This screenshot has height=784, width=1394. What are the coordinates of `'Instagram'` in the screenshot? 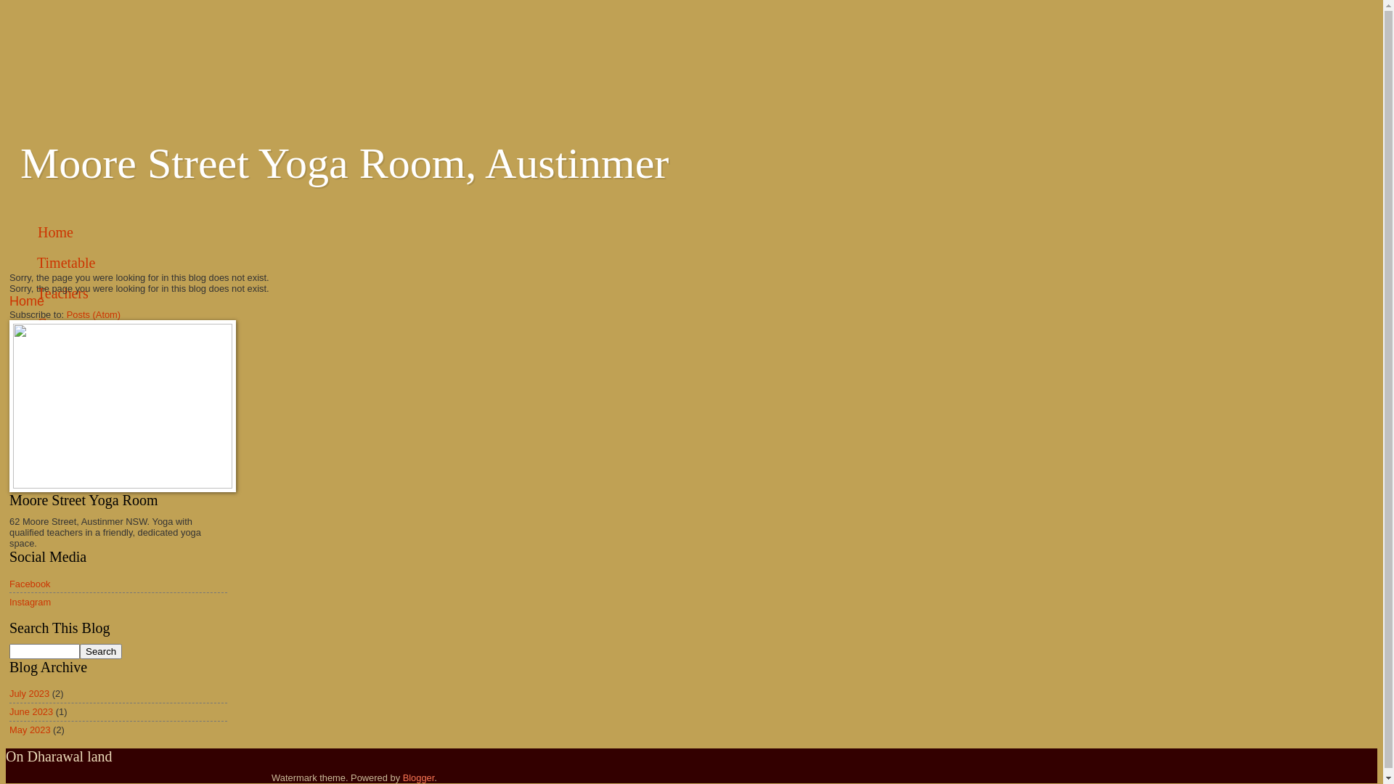 It's located at (30, 602).